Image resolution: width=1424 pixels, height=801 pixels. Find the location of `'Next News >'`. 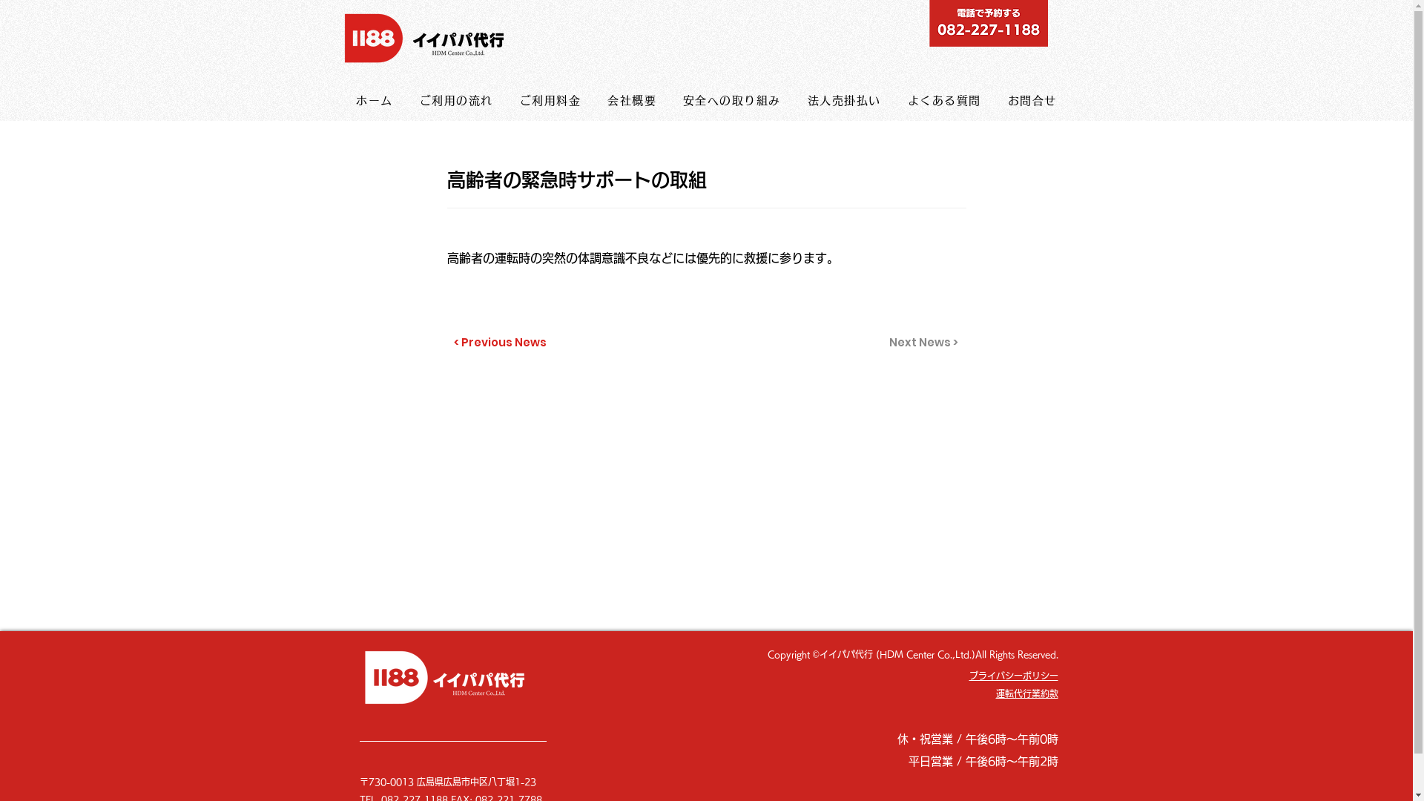

'Next News >' is located at coordinates (920, 343).